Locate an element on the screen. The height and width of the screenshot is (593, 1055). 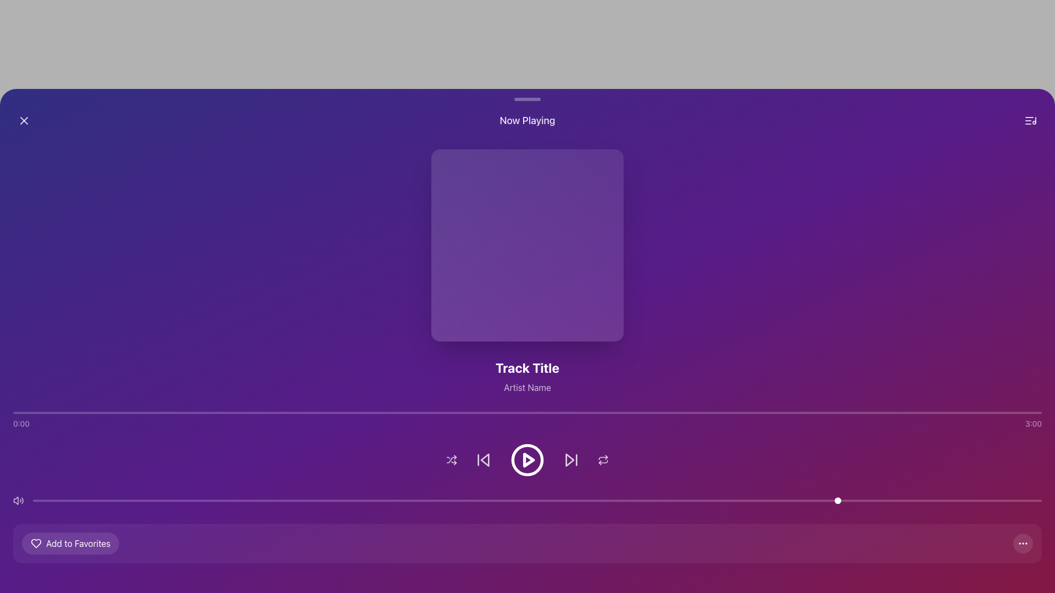
the repeat button located at the farthest right position in the horizontal menu of the media playback interface is located at coordinates (603, 460).